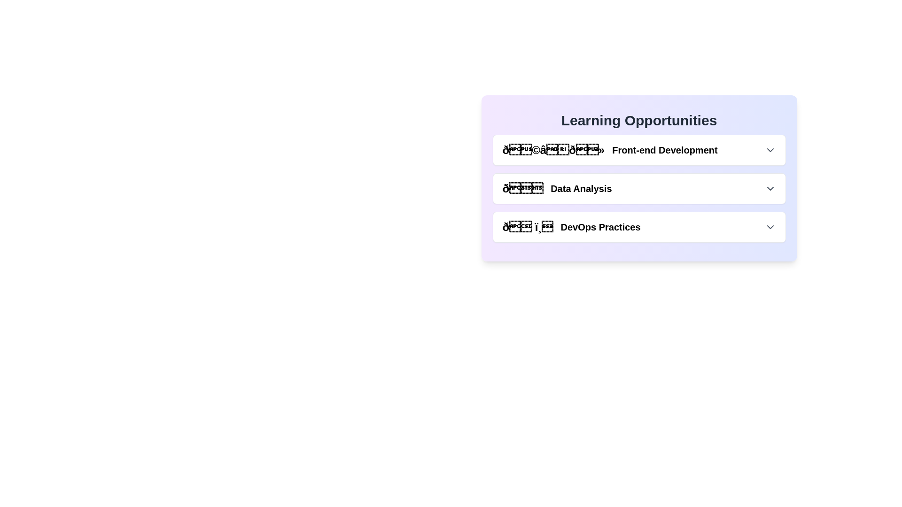 The image size is (902, 507). What do you see at coordinates (557, 188) in the screenshot?
I see `text element that combines a bar chart emoji with the caption 'Data Analysis', which is the second item in the 'Learning Opportunities' group, located below 'Front-end Development'` at bounding box center [557, 188].